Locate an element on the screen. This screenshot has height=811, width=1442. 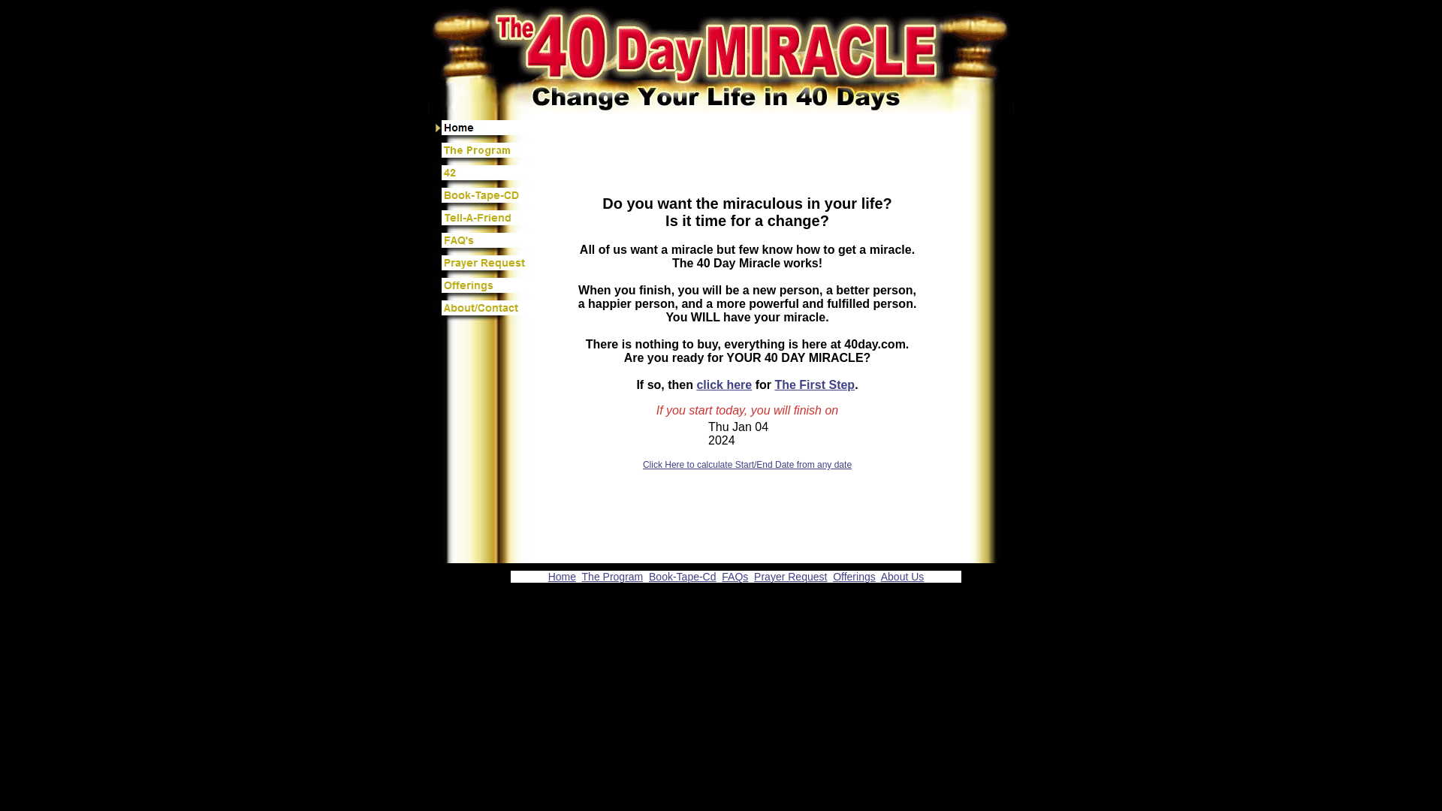
'Prayer Request' is located at coordinates (484, 265).